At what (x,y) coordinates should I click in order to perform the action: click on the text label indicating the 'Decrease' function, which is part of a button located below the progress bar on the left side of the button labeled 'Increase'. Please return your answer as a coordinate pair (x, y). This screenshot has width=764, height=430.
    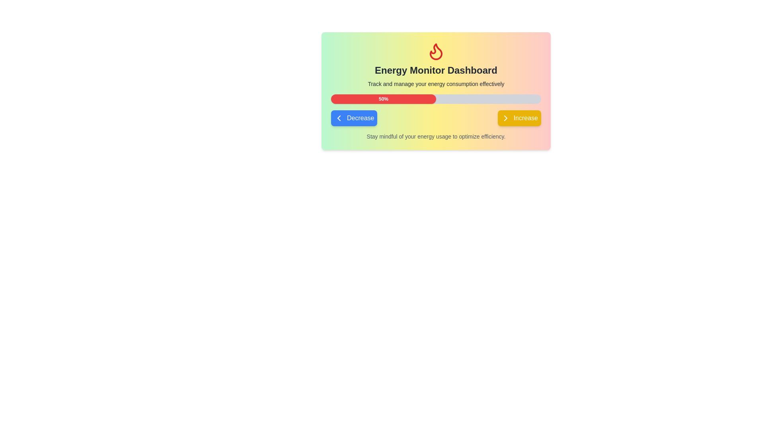
    Looking at the image, I should click on (360, 118).